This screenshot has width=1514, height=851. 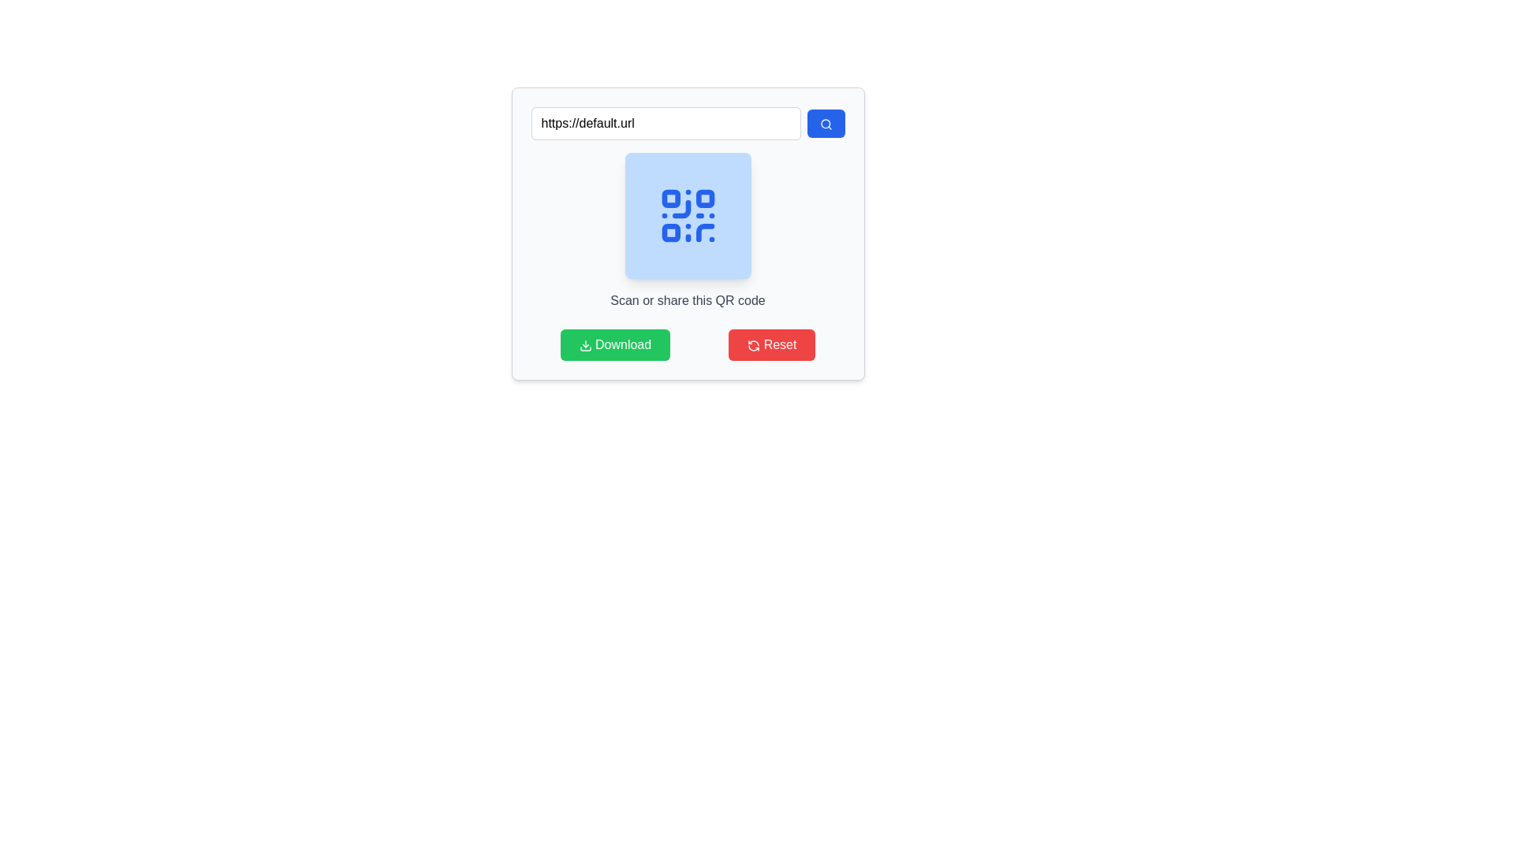 What do you see at coordinates (584, 344) in the screenshot?
I see `the download icon located inside the green 'Download' button, positioned in the bottom left section below the QR code and to the left of the red 'Reset' button` at bounding box center [584, 344].